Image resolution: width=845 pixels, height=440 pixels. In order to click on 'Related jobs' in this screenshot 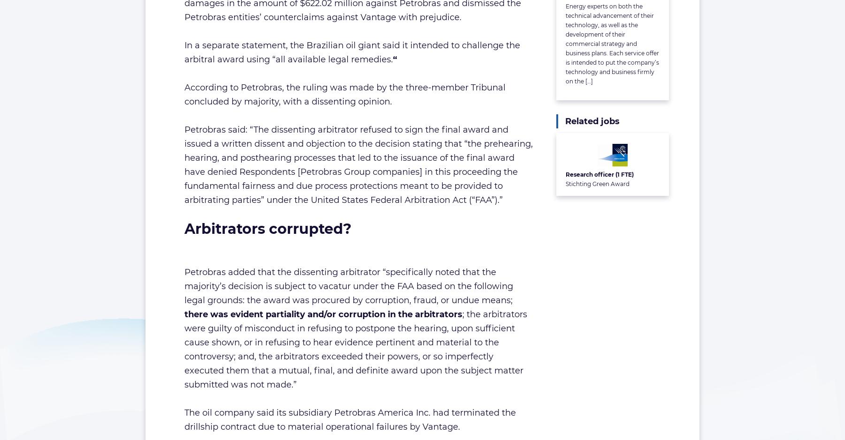, I will do `click(592, 120)`.